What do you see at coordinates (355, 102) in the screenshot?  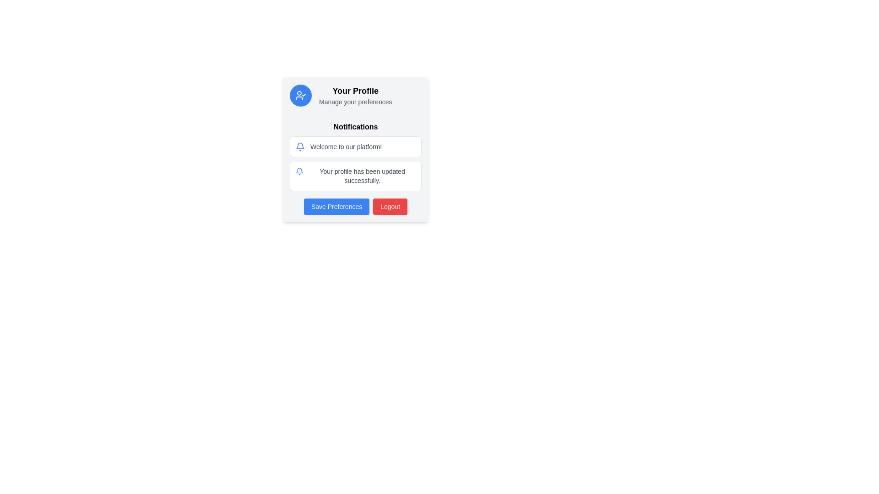 I see `the text label that says 'Manage your preferences', which is styled in gray and located below 'Your Profile' in the user profile interface` at bounding box center [355, 102].